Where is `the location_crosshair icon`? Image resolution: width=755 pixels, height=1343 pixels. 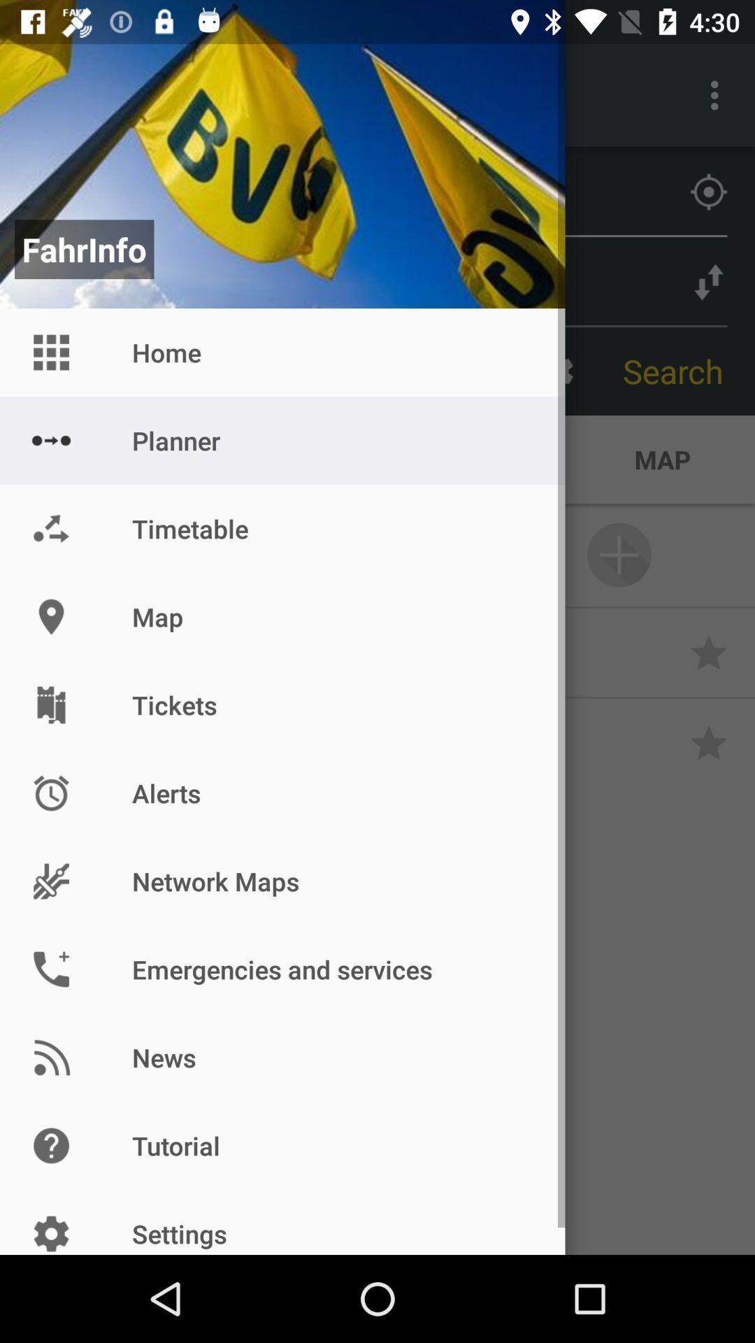 the location_crosshair icon is located at coordinates (718, 183).